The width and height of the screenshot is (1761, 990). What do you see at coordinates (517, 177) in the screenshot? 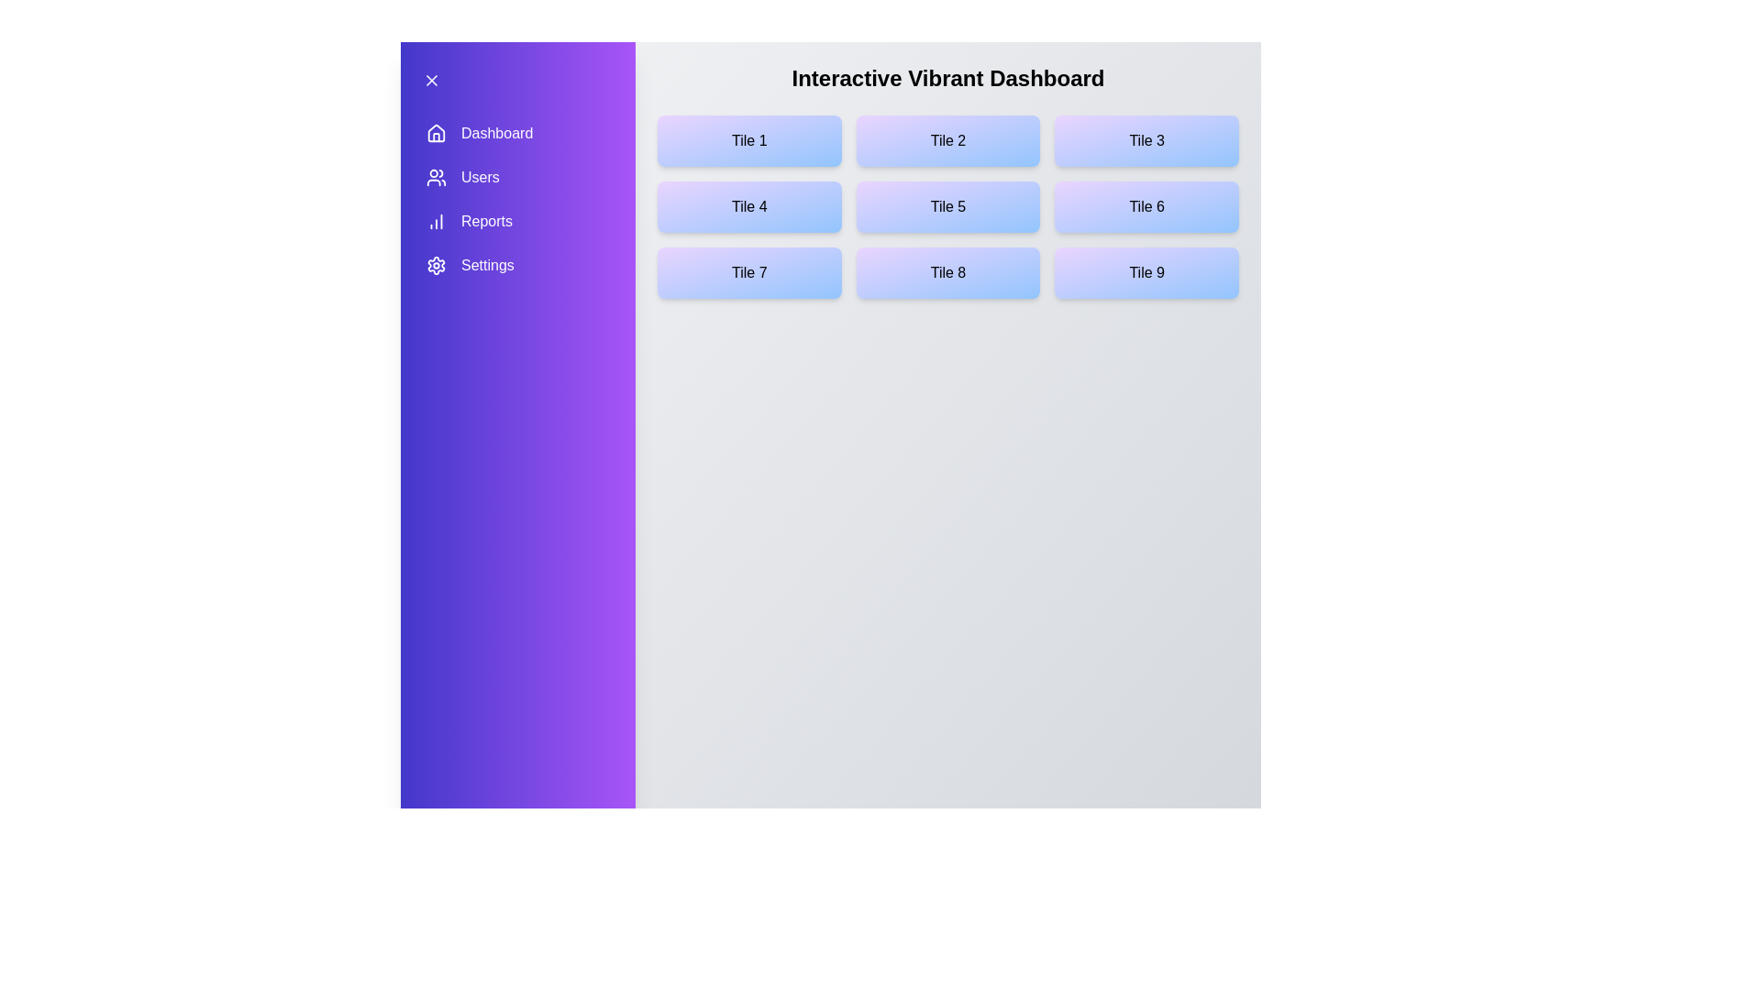
I see `the menu item Users in the sidebar` at bounding box center [517, 177].